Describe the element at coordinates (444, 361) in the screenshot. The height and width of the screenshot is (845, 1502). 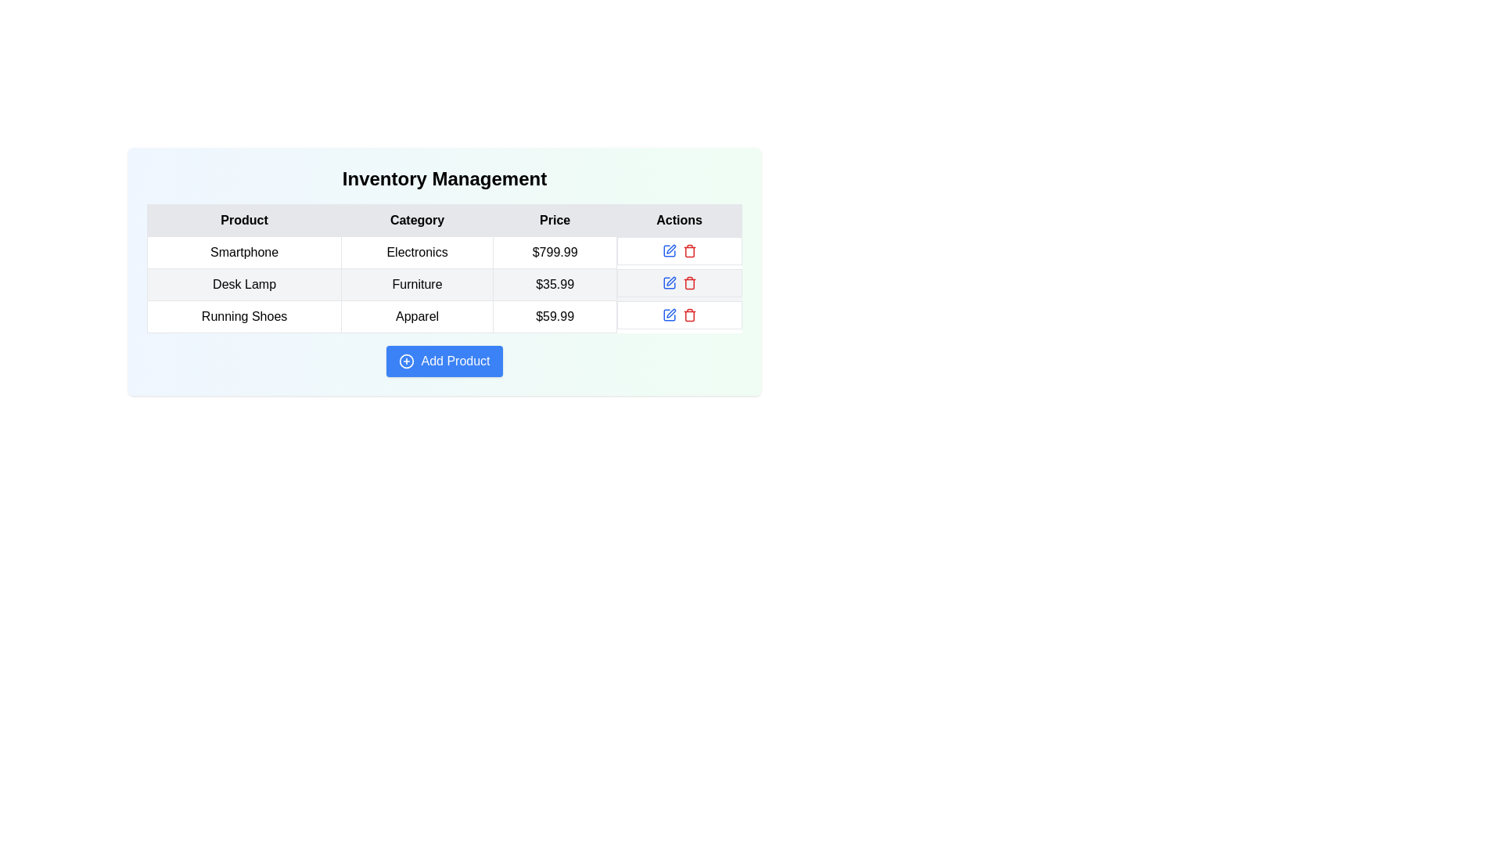
I see `the blue button labeled 'Add Product' with a circular plus sign icon, positioned below the inventory items table` at that location.